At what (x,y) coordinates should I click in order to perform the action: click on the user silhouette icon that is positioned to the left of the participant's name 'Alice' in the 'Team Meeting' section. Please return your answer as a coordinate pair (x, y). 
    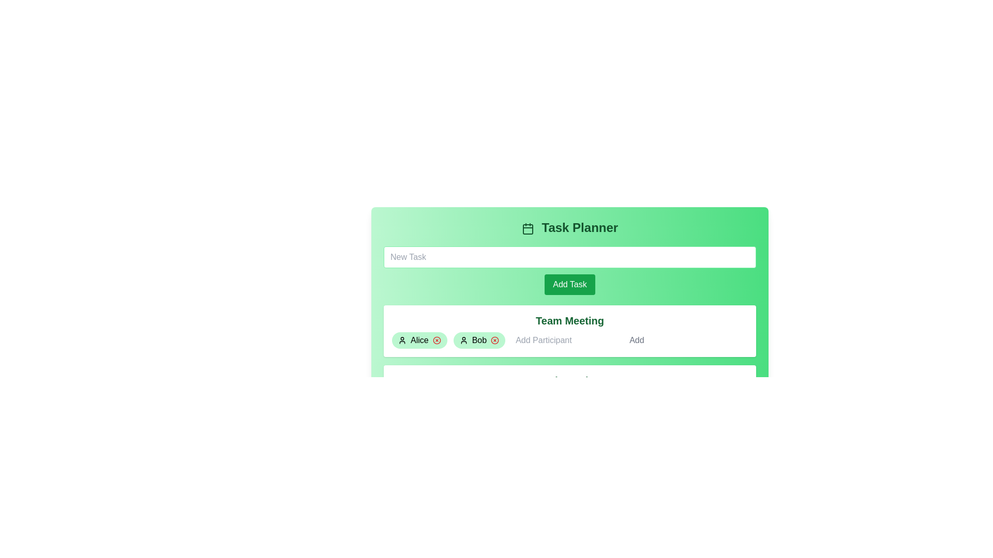
    Looking at the image, I should click on (401, 340).